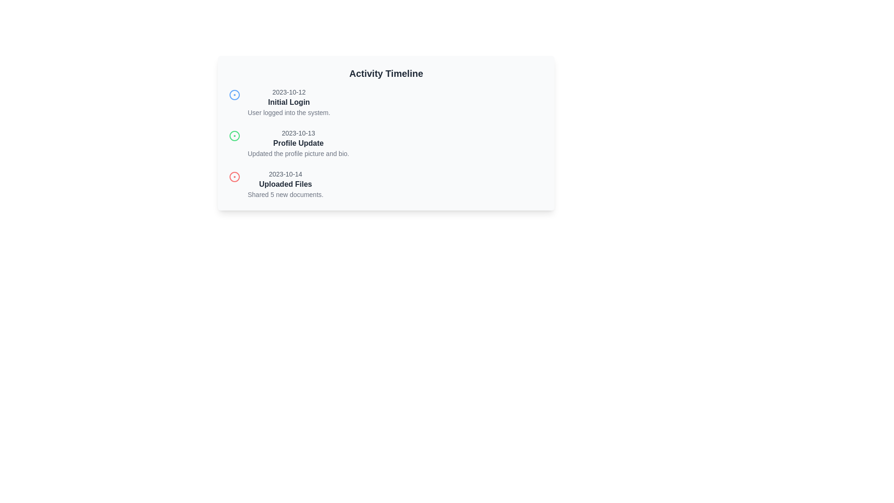 The height and width of the screenshot is (503, 894). Describe the element at coordinates (235, 177) in the screenshot. I see `the appearance of the circular red icon located to the left of the 'Uploaded Files' text in the timeline for '2023-10-14'` at that location.